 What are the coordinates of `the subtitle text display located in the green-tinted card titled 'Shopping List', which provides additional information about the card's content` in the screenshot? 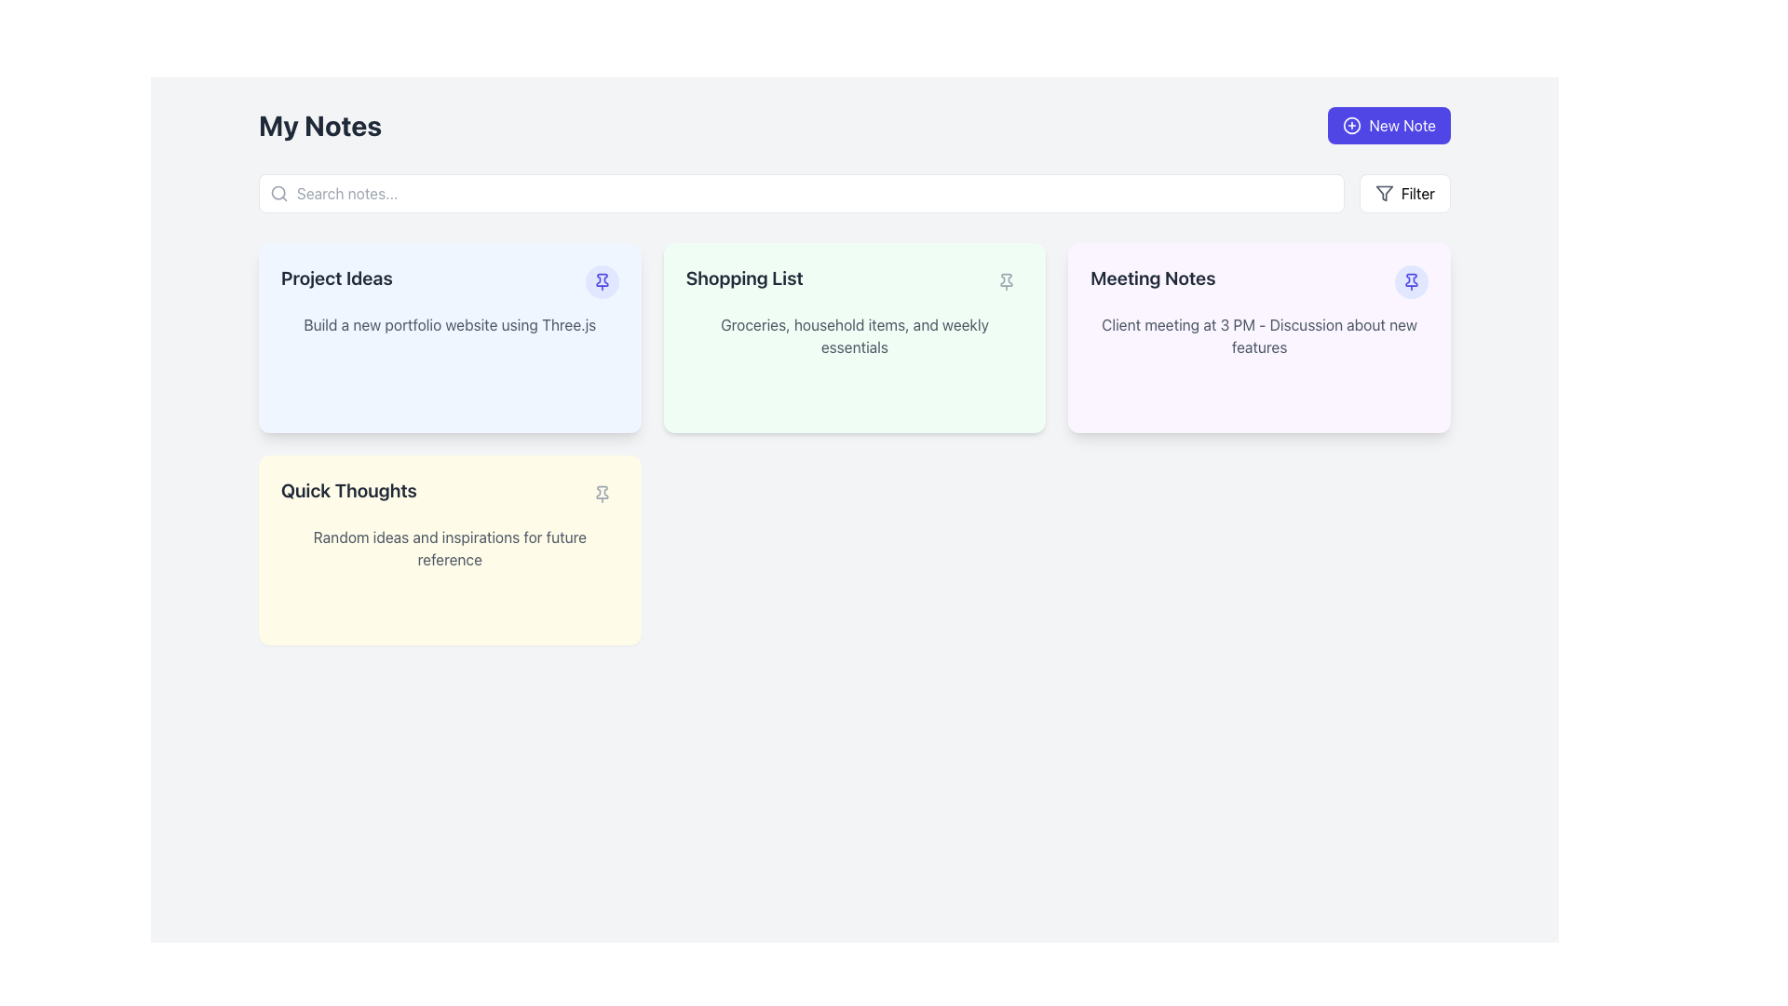 It's located at (853, 336).